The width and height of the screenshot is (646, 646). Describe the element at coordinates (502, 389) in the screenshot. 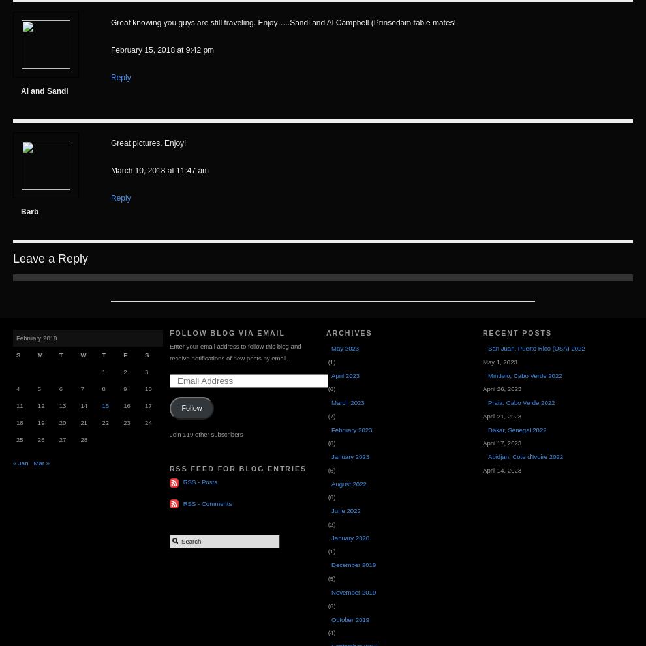

I see `'April 26, 2023'` at that location.